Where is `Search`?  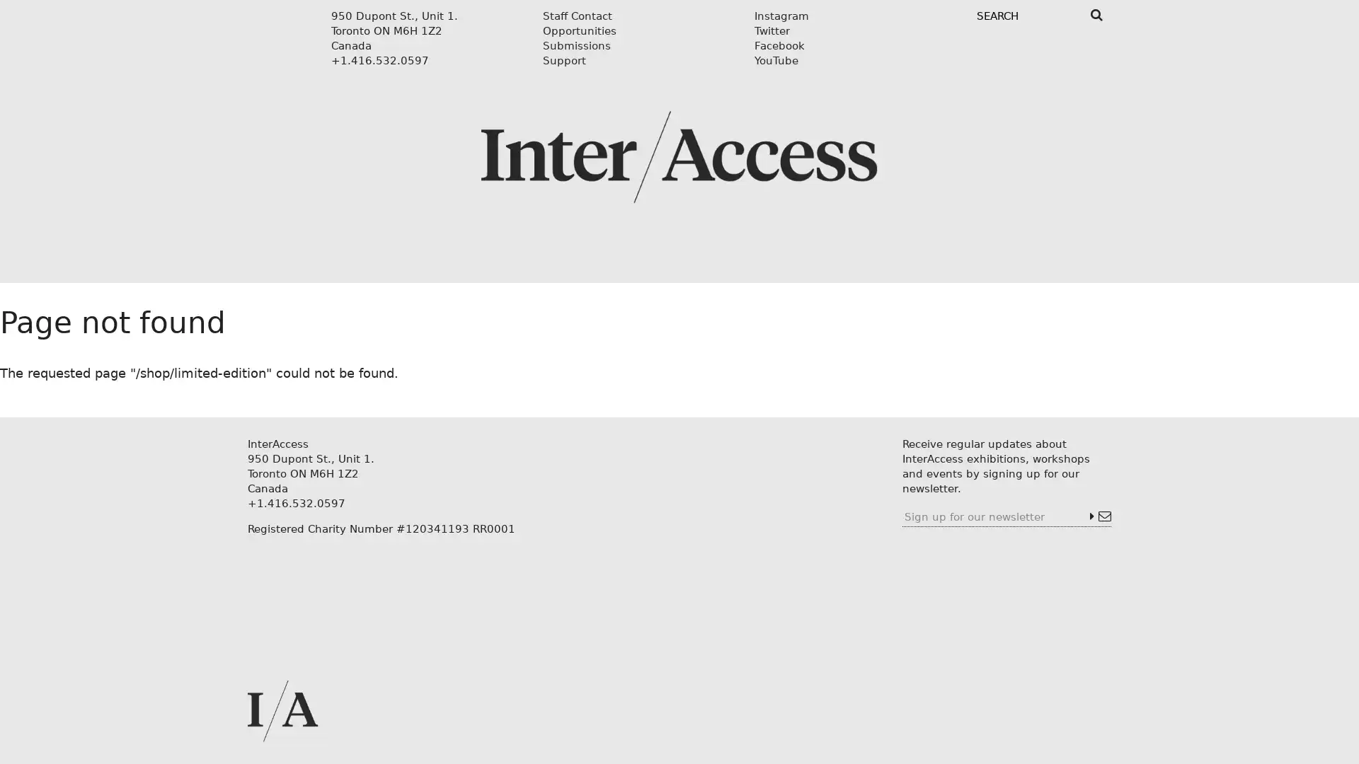
Search is located at coordinates (1096, 15).